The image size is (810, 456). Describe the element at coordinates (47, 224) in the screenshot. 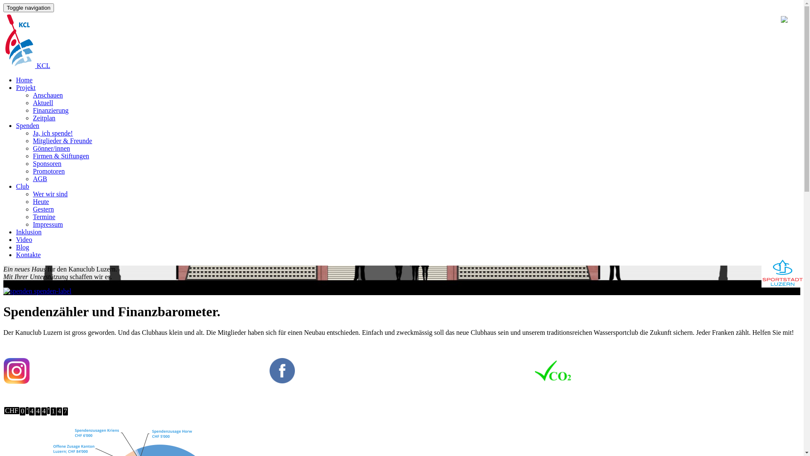

I see `'Impressum'` at that location.